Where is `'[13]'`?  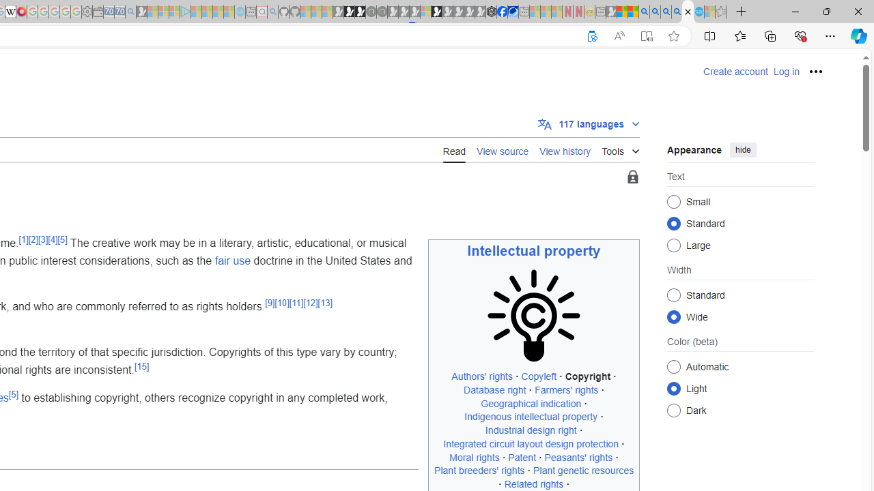 '[13]' is located at coordinates (324, 302).